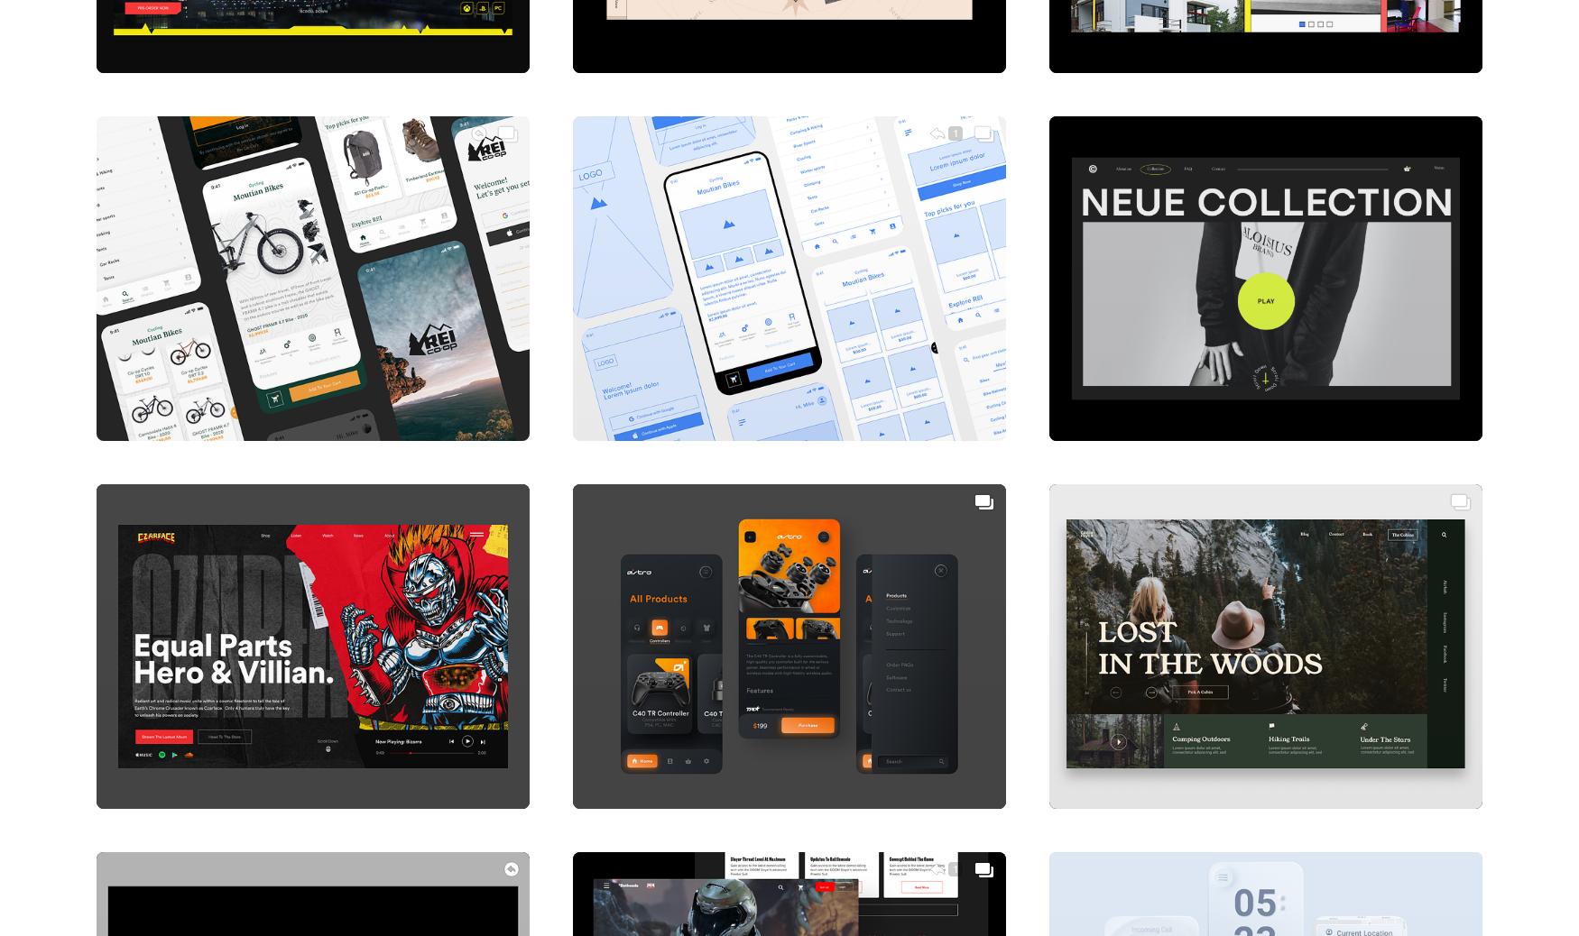  What do you see at coordinates (692, 34) in the screenshot?
I see `'Paradise Lost Site Exploration'` at bounding box center [692, 34].